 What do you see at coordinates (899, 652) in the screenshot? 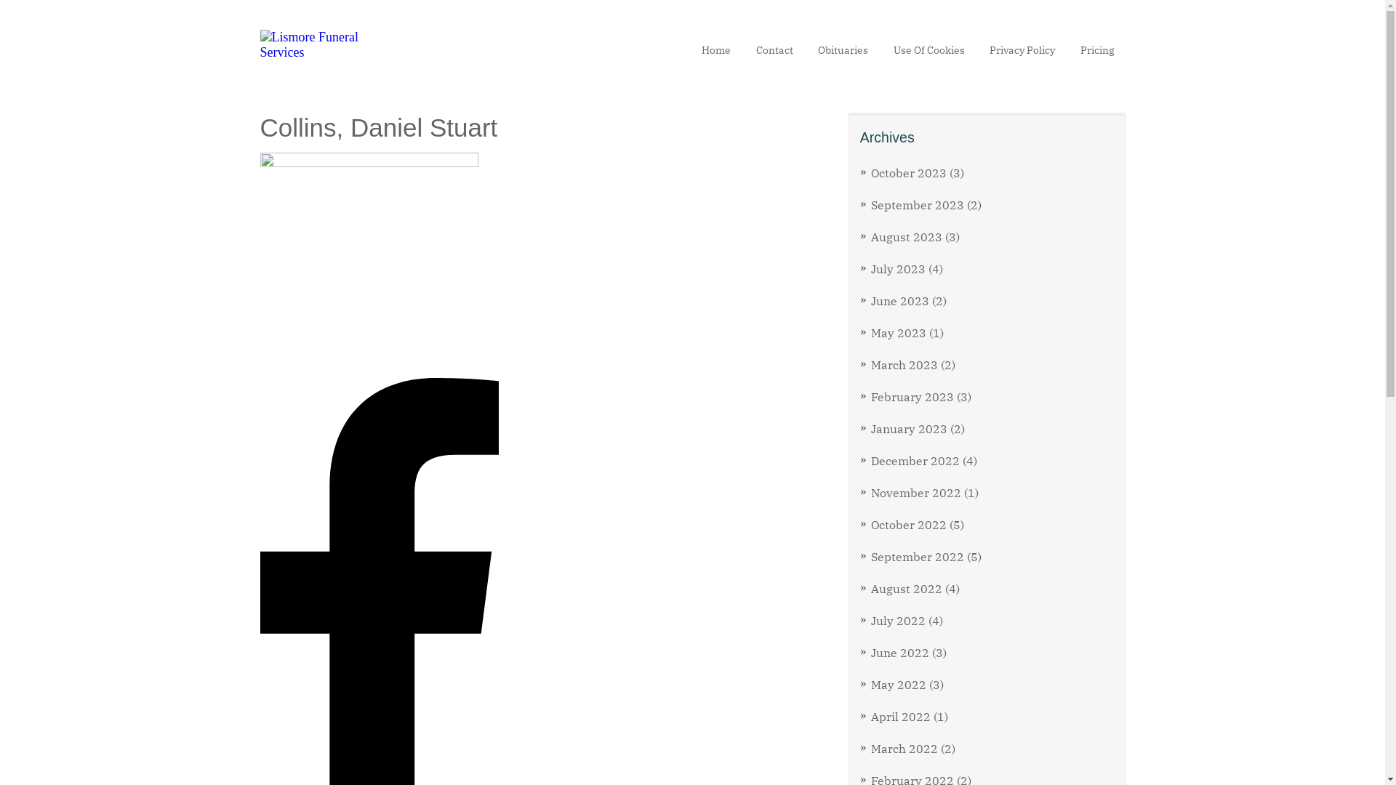
I see `'June 2022'` at bounding box center [899, 652].